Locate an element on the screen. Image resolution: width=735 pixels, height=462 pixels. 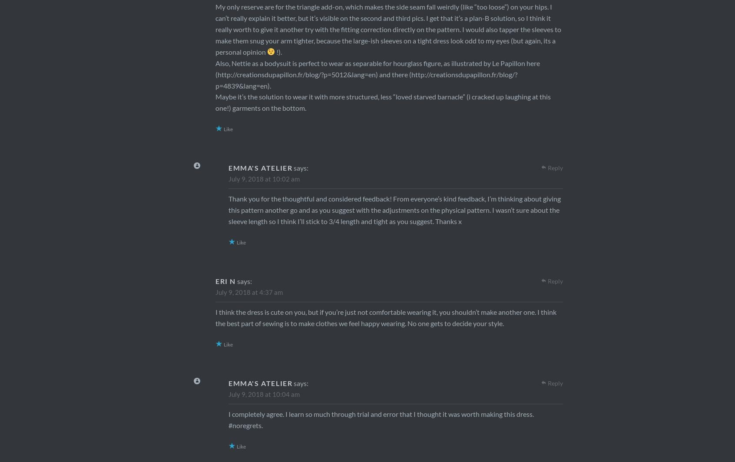
'!).' is located at coordinates (274, 51).